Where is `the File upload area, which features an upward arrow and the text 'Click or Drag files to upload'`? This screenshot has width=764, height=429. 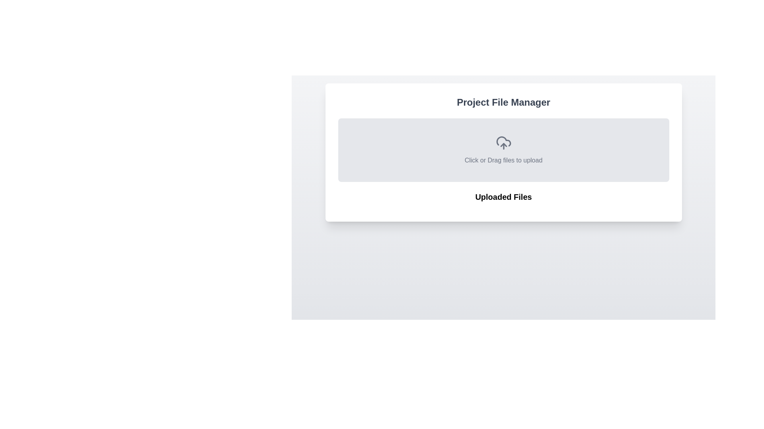
the File upload area, which features an upward arrow and the text 'Click or Drag files to upload' is located at coordinates (503, 150).